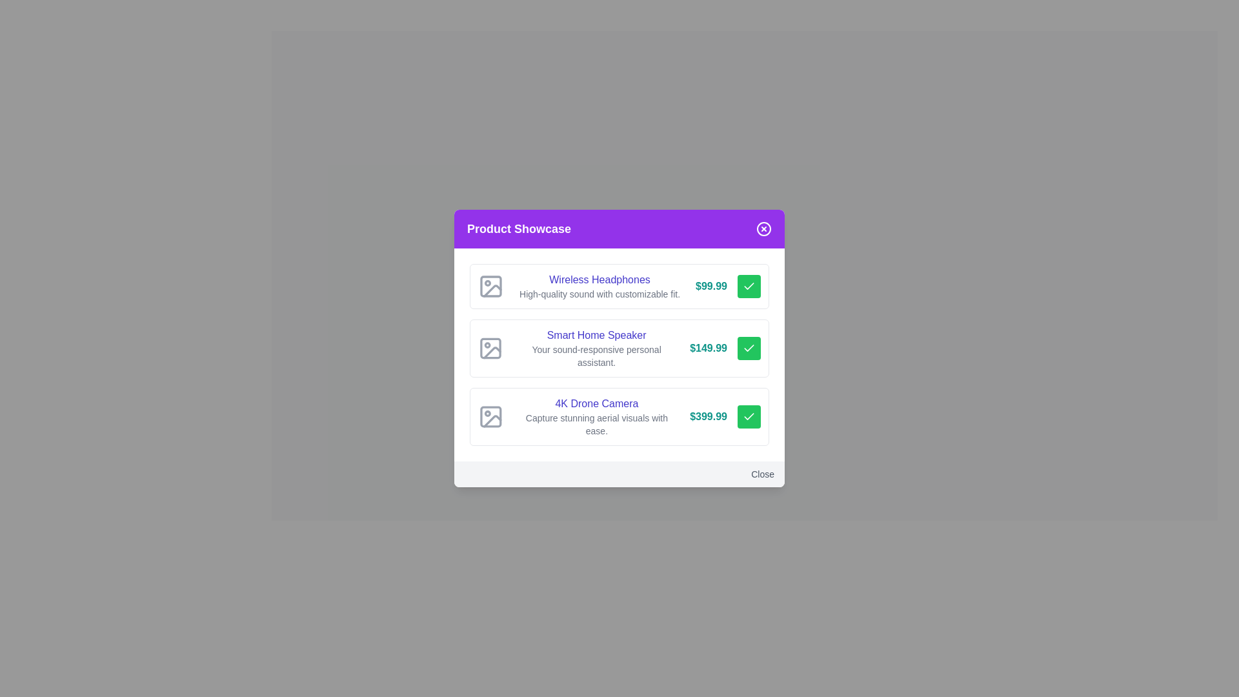  What do you see at coordinates (749, 416) in the screenshot?
I see `the SVG checkmark icon with a green background, which is located inside the bottom-most green button aligned with '4K Drone Camera.'` at bounding box center [749, 416].